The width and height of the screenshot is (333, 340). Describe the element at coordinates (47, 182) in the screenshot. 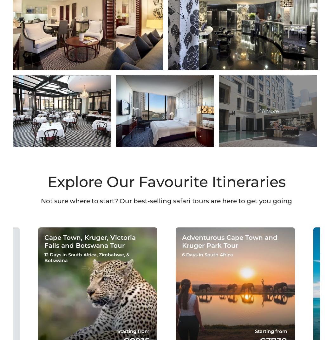

I see `'Explore Our Favourite Itineraries'` at that location.